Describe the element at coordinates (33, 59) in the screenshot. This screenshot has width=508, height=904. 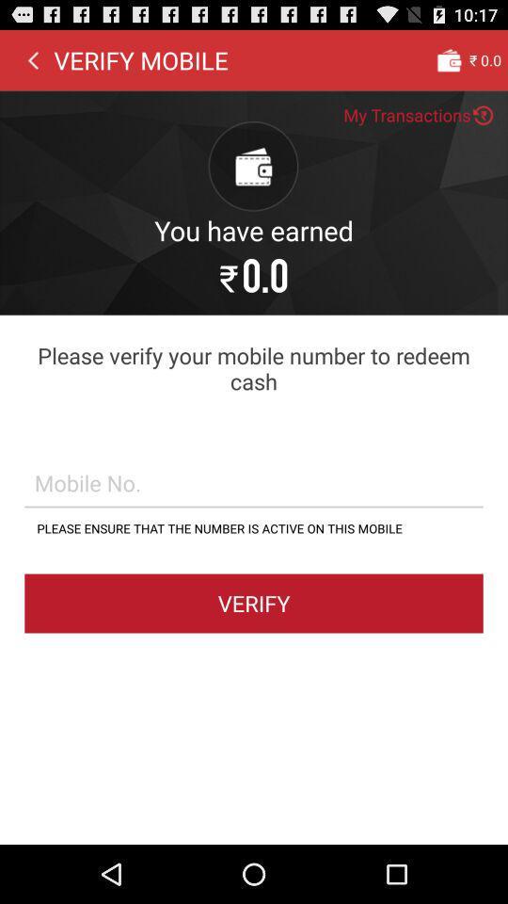
I see `item above the please verify your` at that location.